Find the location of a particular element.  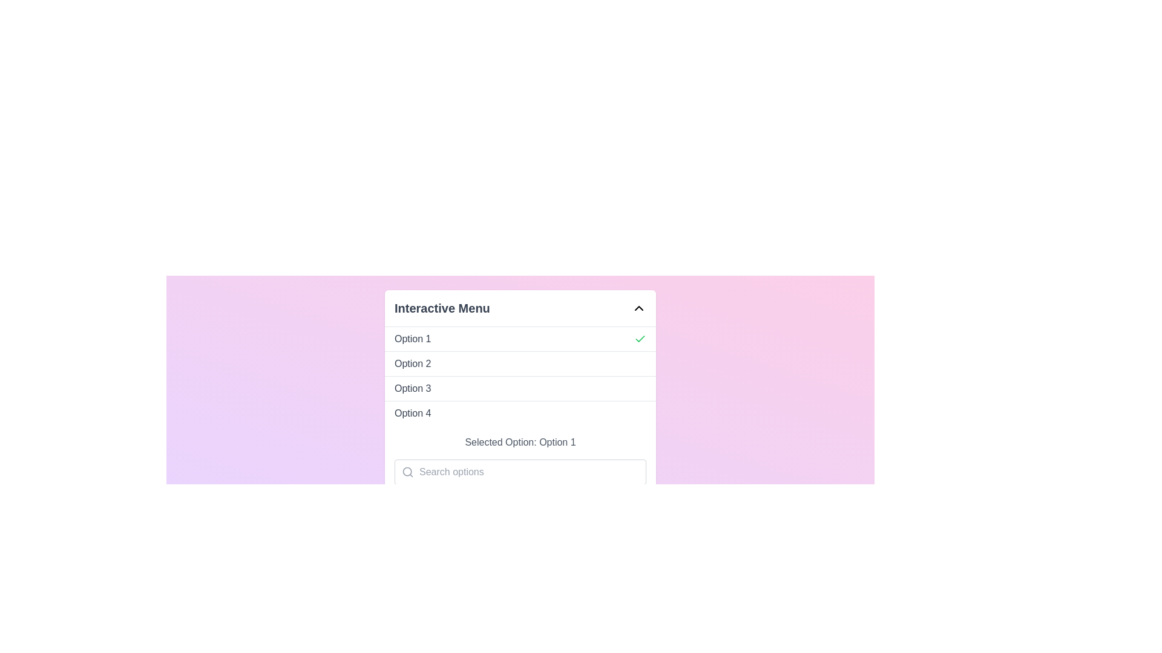

the selectable 'Option 4' text label in the dropdown menu, which is the fourth item in a vertically stacked list is located at coordinates (413, 412).